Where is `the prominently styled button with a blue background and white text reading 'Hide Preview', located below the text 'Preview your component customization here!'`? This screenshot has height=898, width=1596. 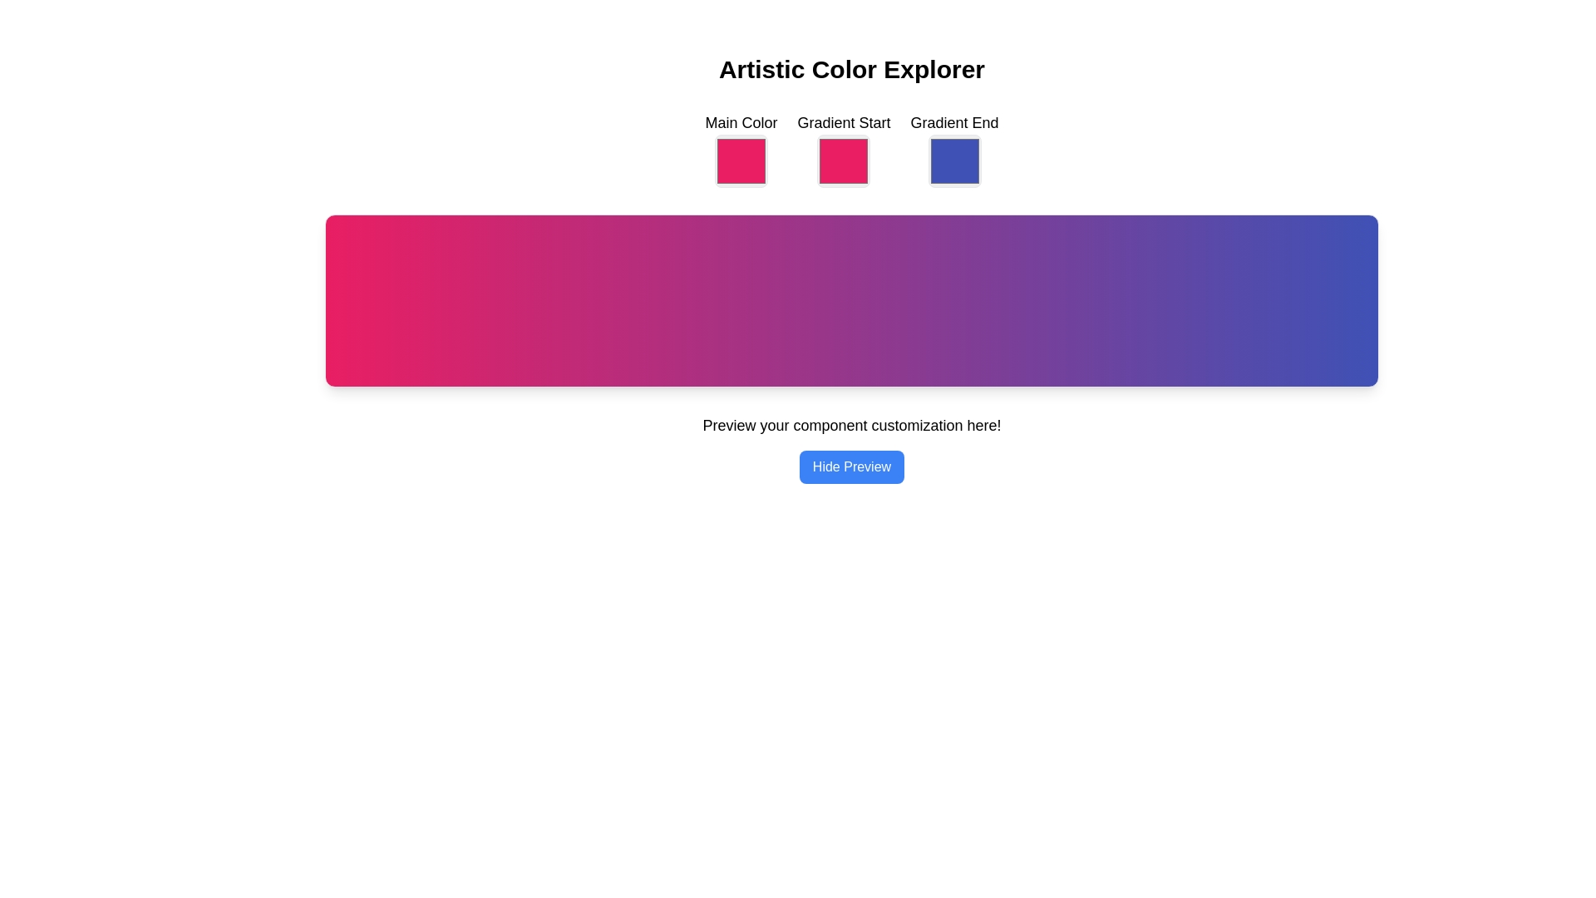 the prominently styled button with a blue background and white text reading 'Hide Preview', located below the text 'Preview your component customization here!' is located at coordinates (851, 467).